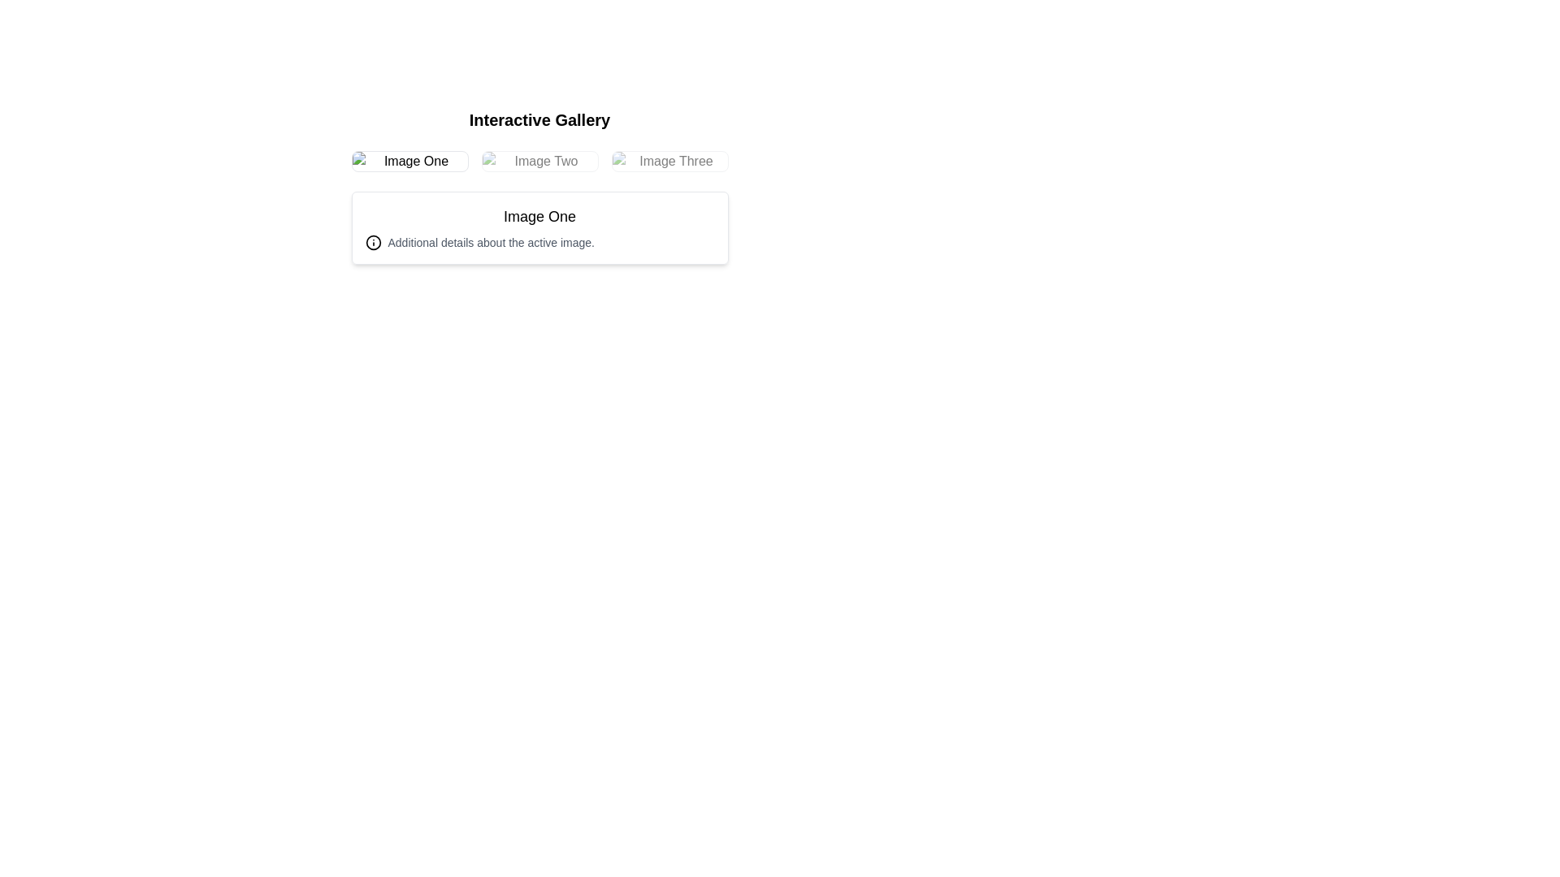 The image size is (1560, 877). Describe the element at coordinates (409, 162) in the screenshot. I see `the first image thumbnail displaying 'Image One'` at that location.